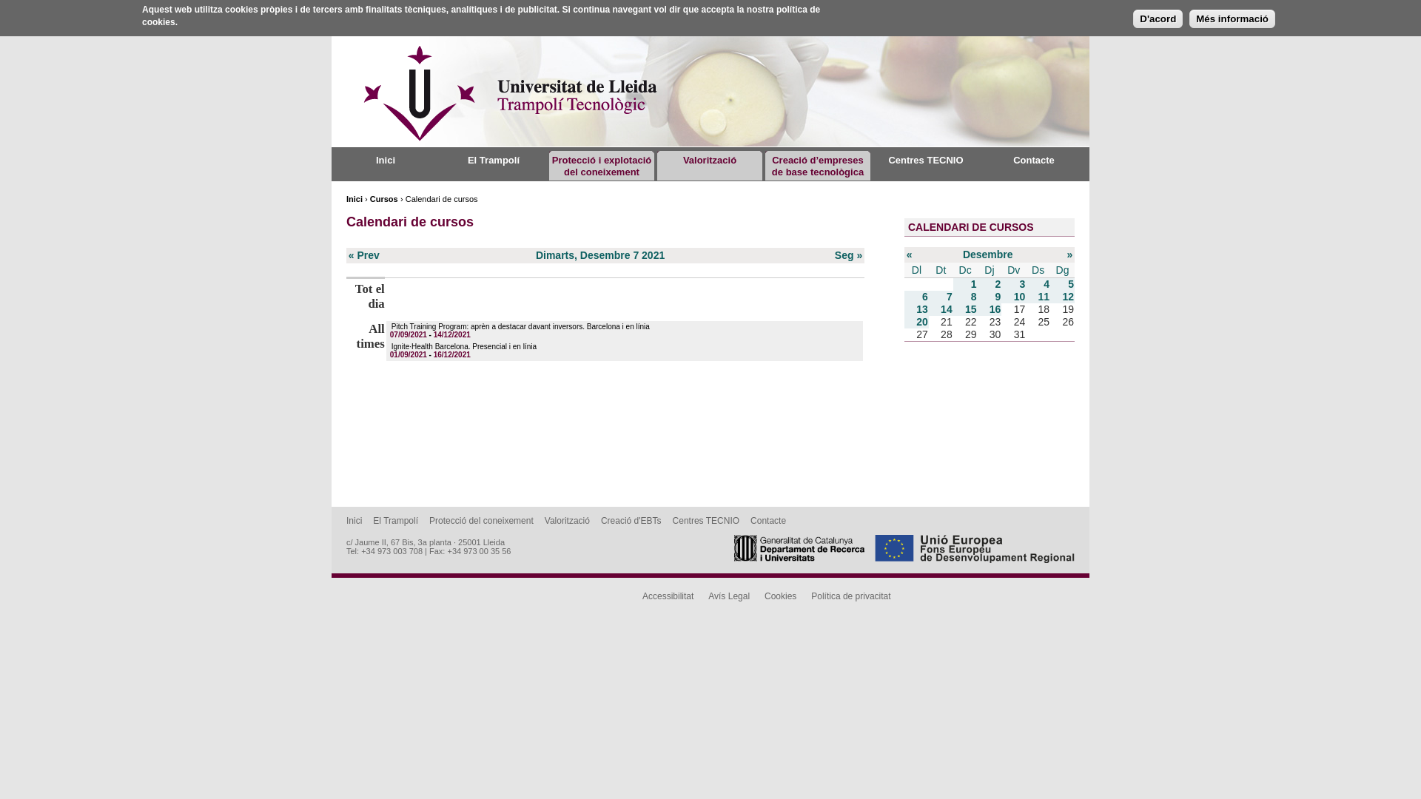  I want to click on 'Accessibilitat', so click(667, 596).